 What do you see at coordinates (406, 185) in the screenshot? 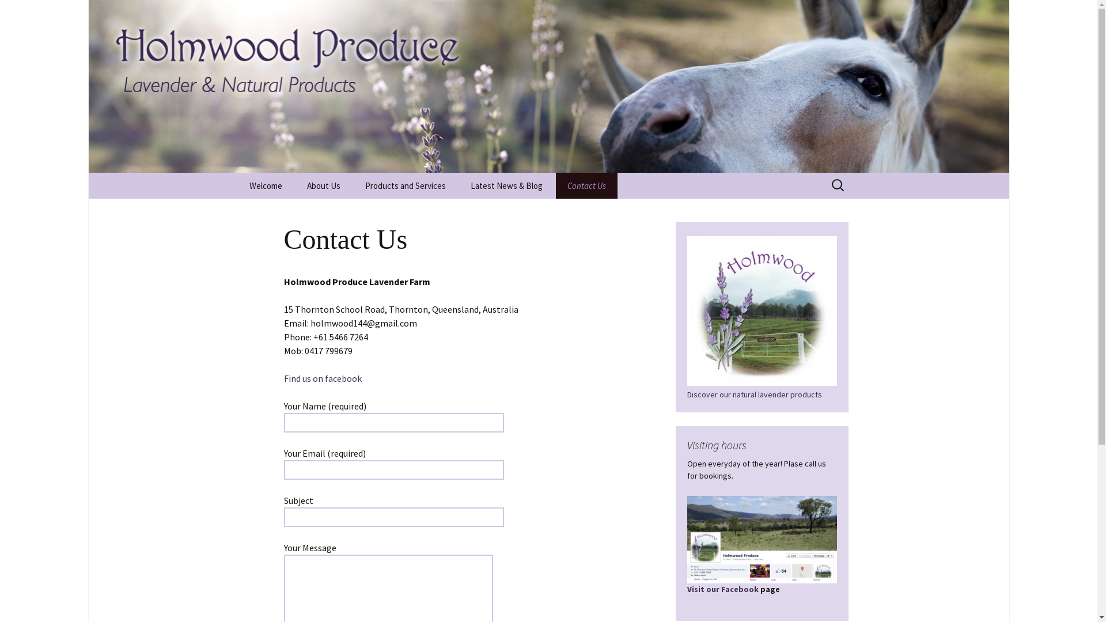
I see `'Products and Services'` at bounding box center [406, 185].